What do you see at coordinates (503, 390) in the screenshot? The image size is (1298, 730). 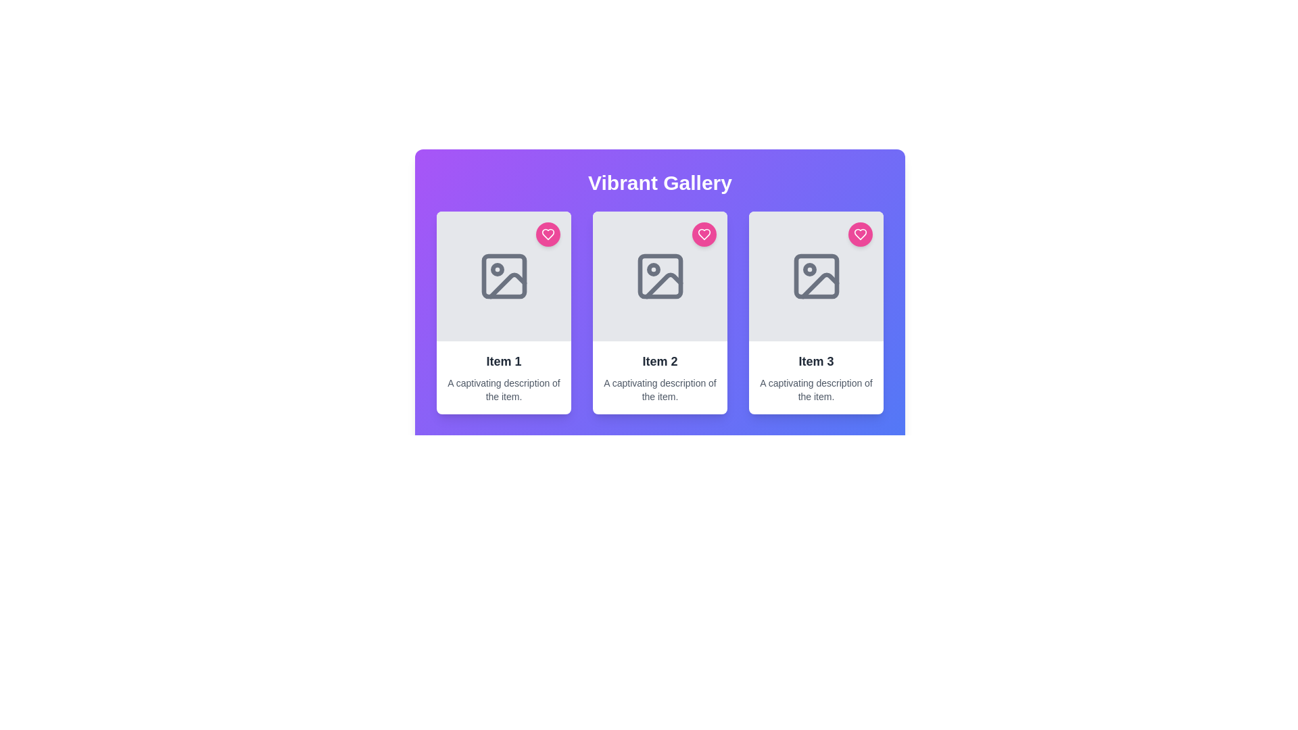 I see `descriptive text located below 'Item 1' in the first card of a three-card layout` at bounding box center [503, 390].